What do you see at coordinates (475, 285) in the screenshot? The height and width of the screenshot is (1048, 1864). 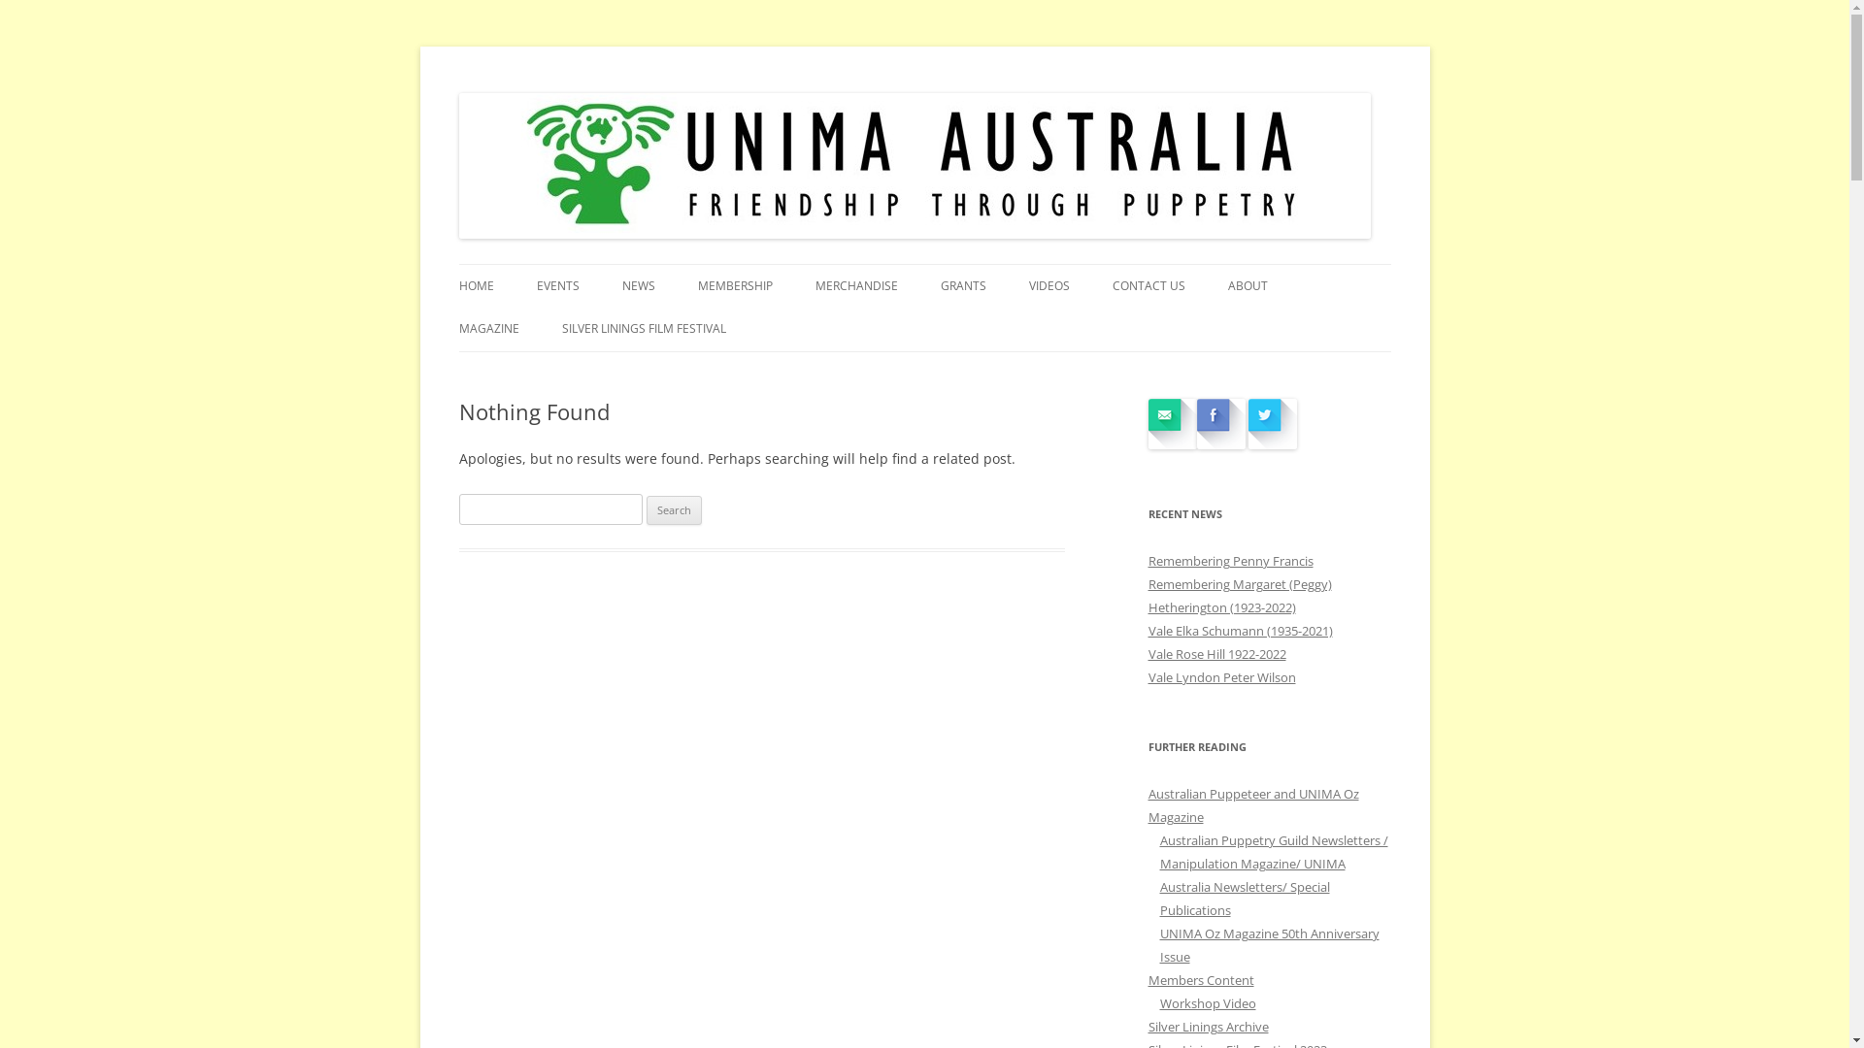 I see `'HOME'` at bounding box center [475, 285].